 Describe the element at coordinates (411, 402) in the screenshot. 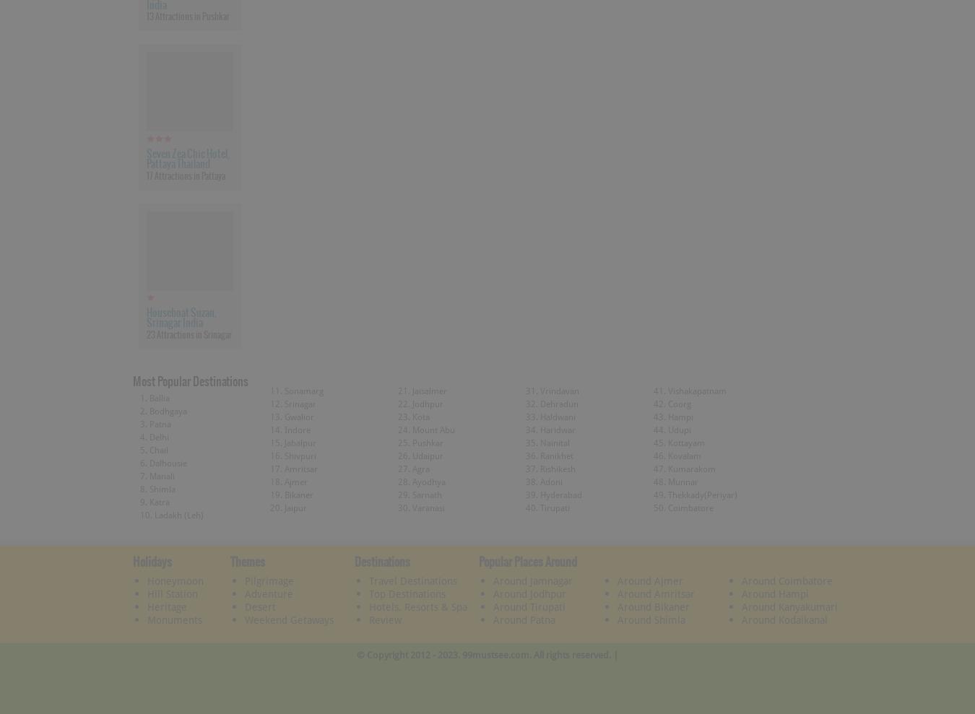

I see `'Jodhpur'` at that location.